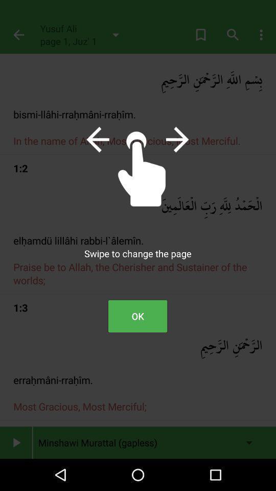 The image size is (276, 491). Describe the element at coordinates (137, 316) in the screenshot. I see `ok` at that location.